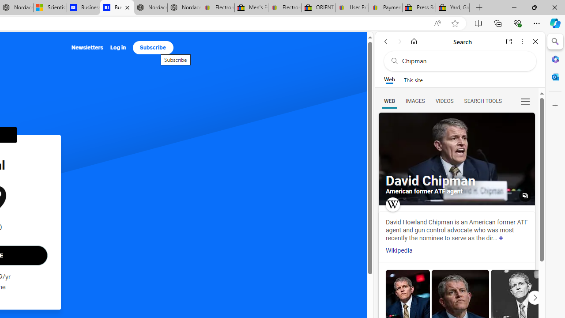  What do you see at coordinates (88, 48) in the screenshot?
I see `'Newsletters'` at bounding box center [88, 48].